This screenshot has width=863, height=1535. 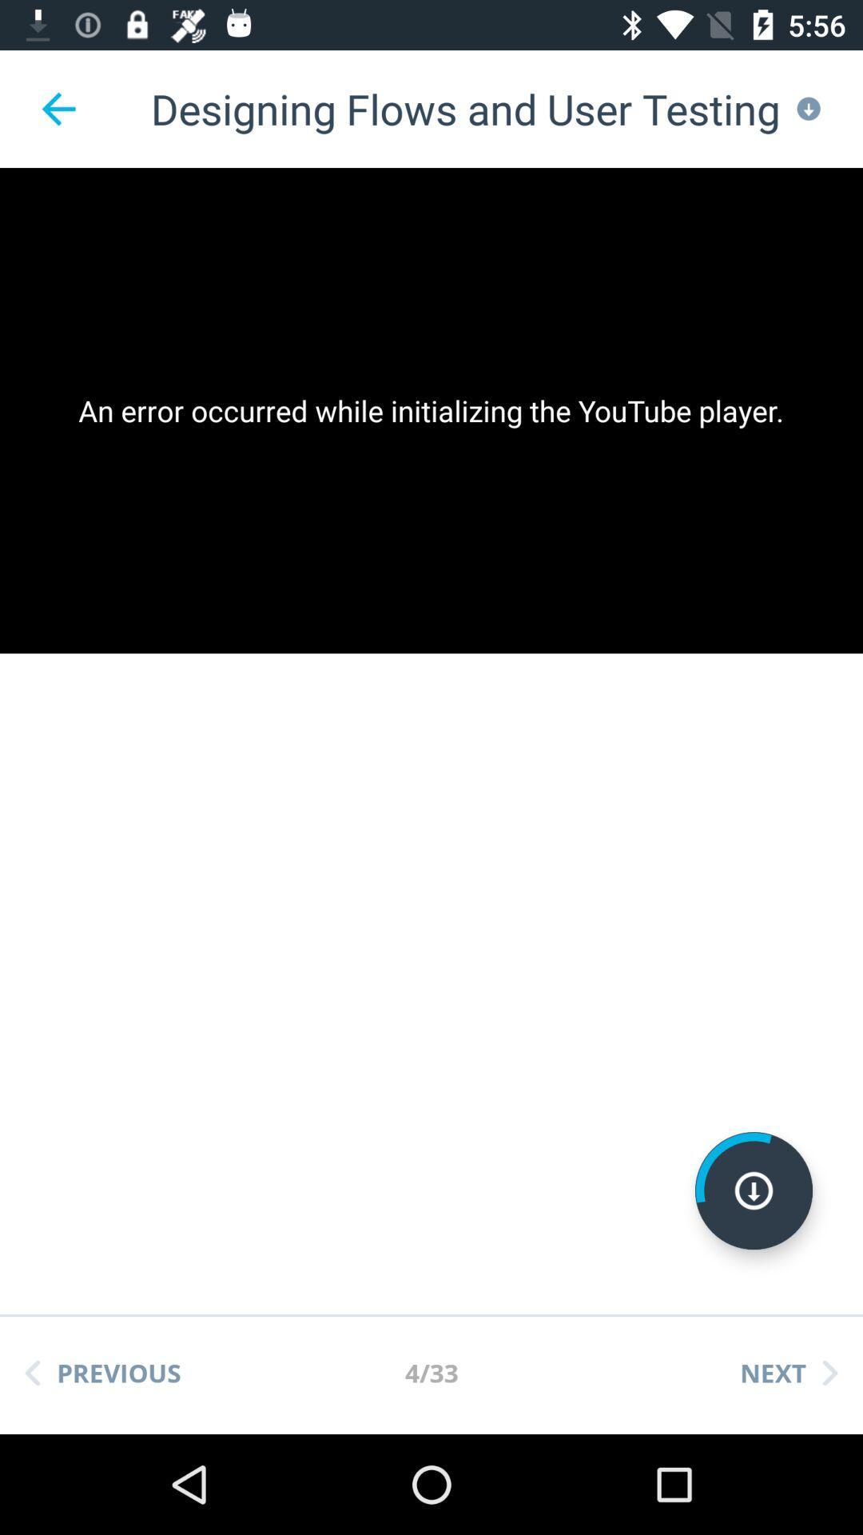 I want to click on the item above the an error occurred app, so click(x=58, y=108).